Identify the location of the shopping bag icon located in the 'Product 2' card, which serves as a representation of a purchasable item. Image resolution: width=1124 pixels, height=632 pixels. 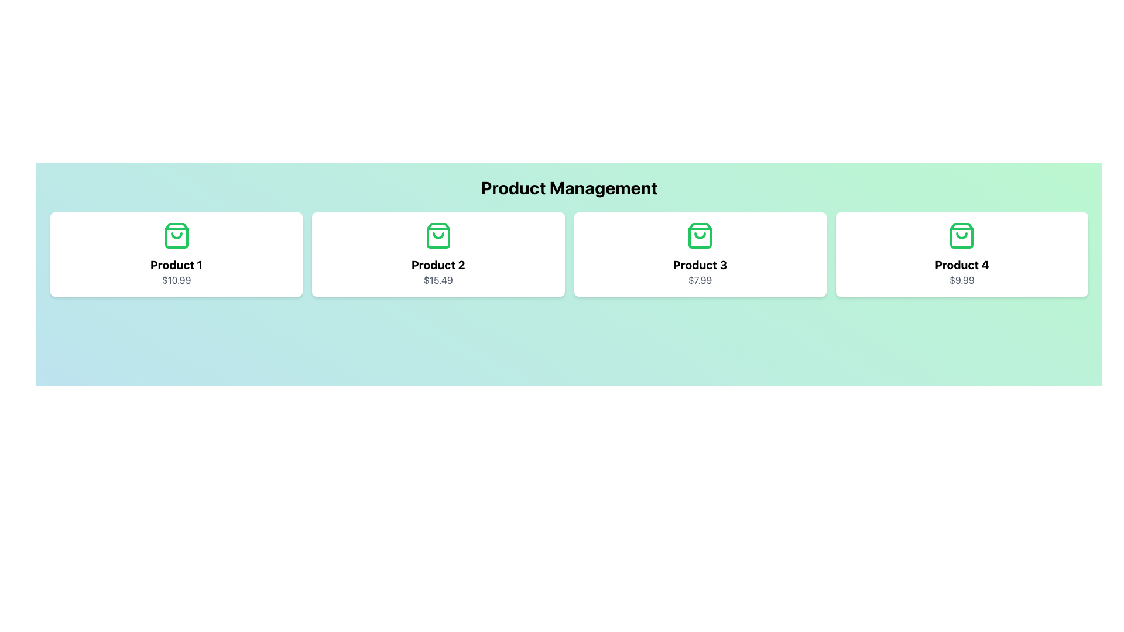
(437, 235).